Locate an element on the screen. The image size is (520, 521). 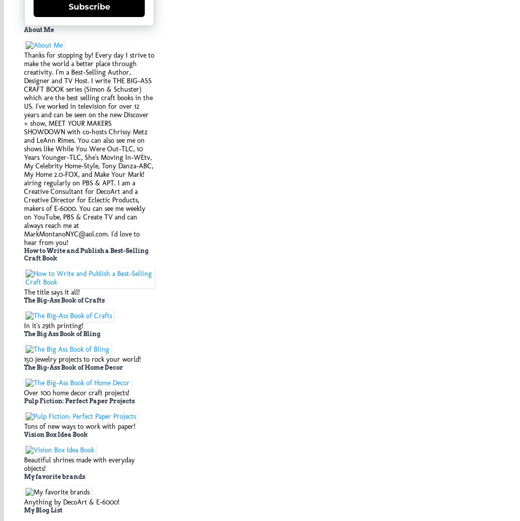
'Pulp Fiction:  Perfect Paper Projects' is located at coordinates (79, 400).